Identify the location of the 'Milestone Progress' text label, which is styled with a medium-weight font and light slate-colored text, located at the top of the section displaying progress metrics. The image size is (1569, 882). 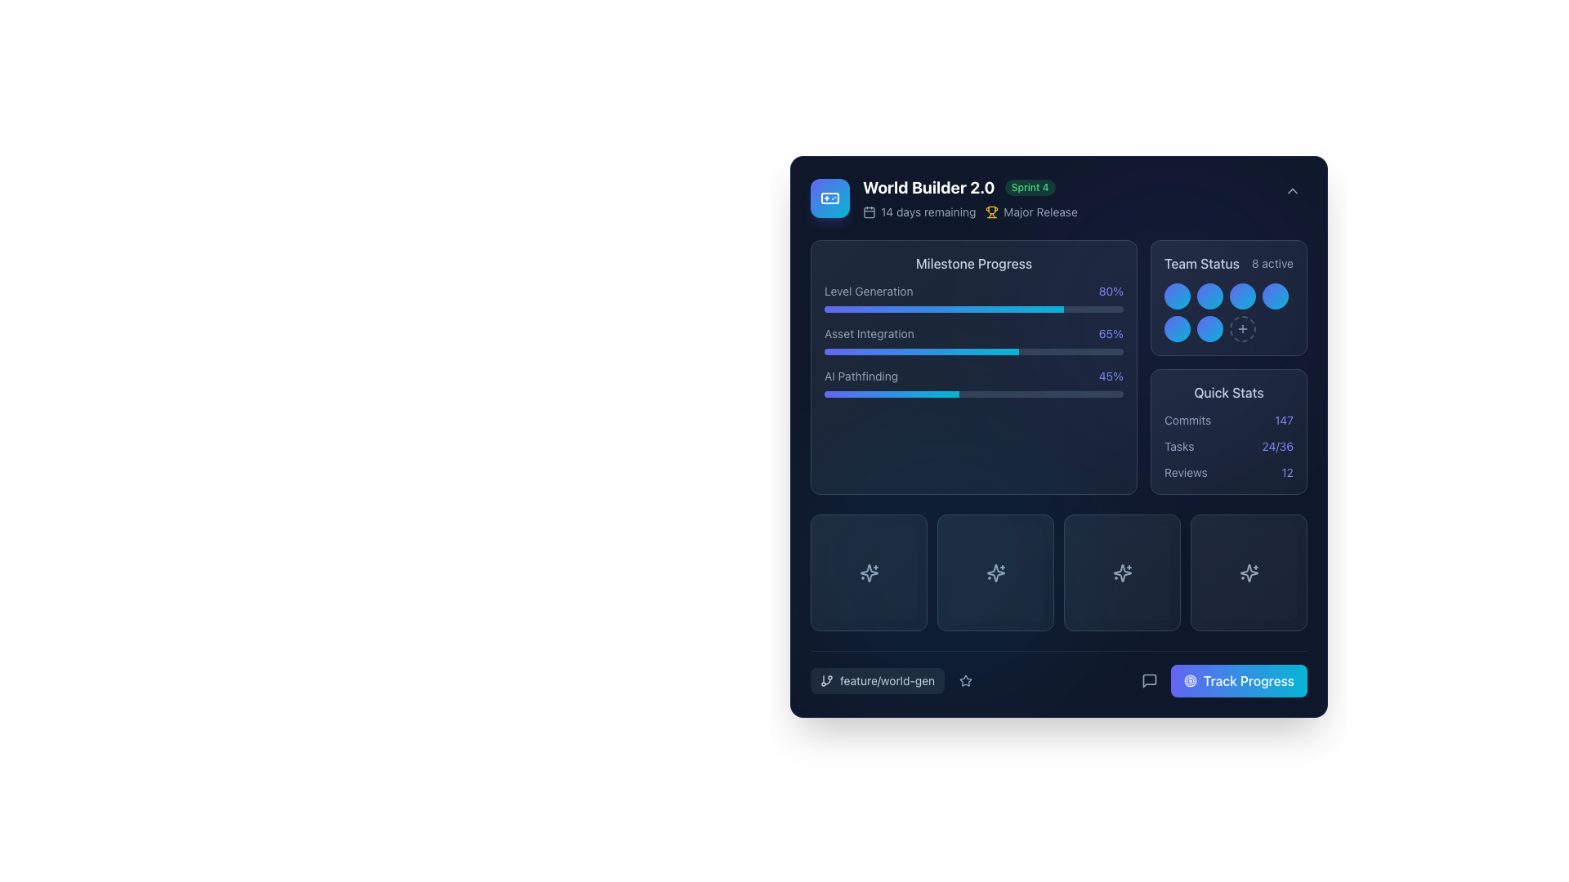
(973, 263).